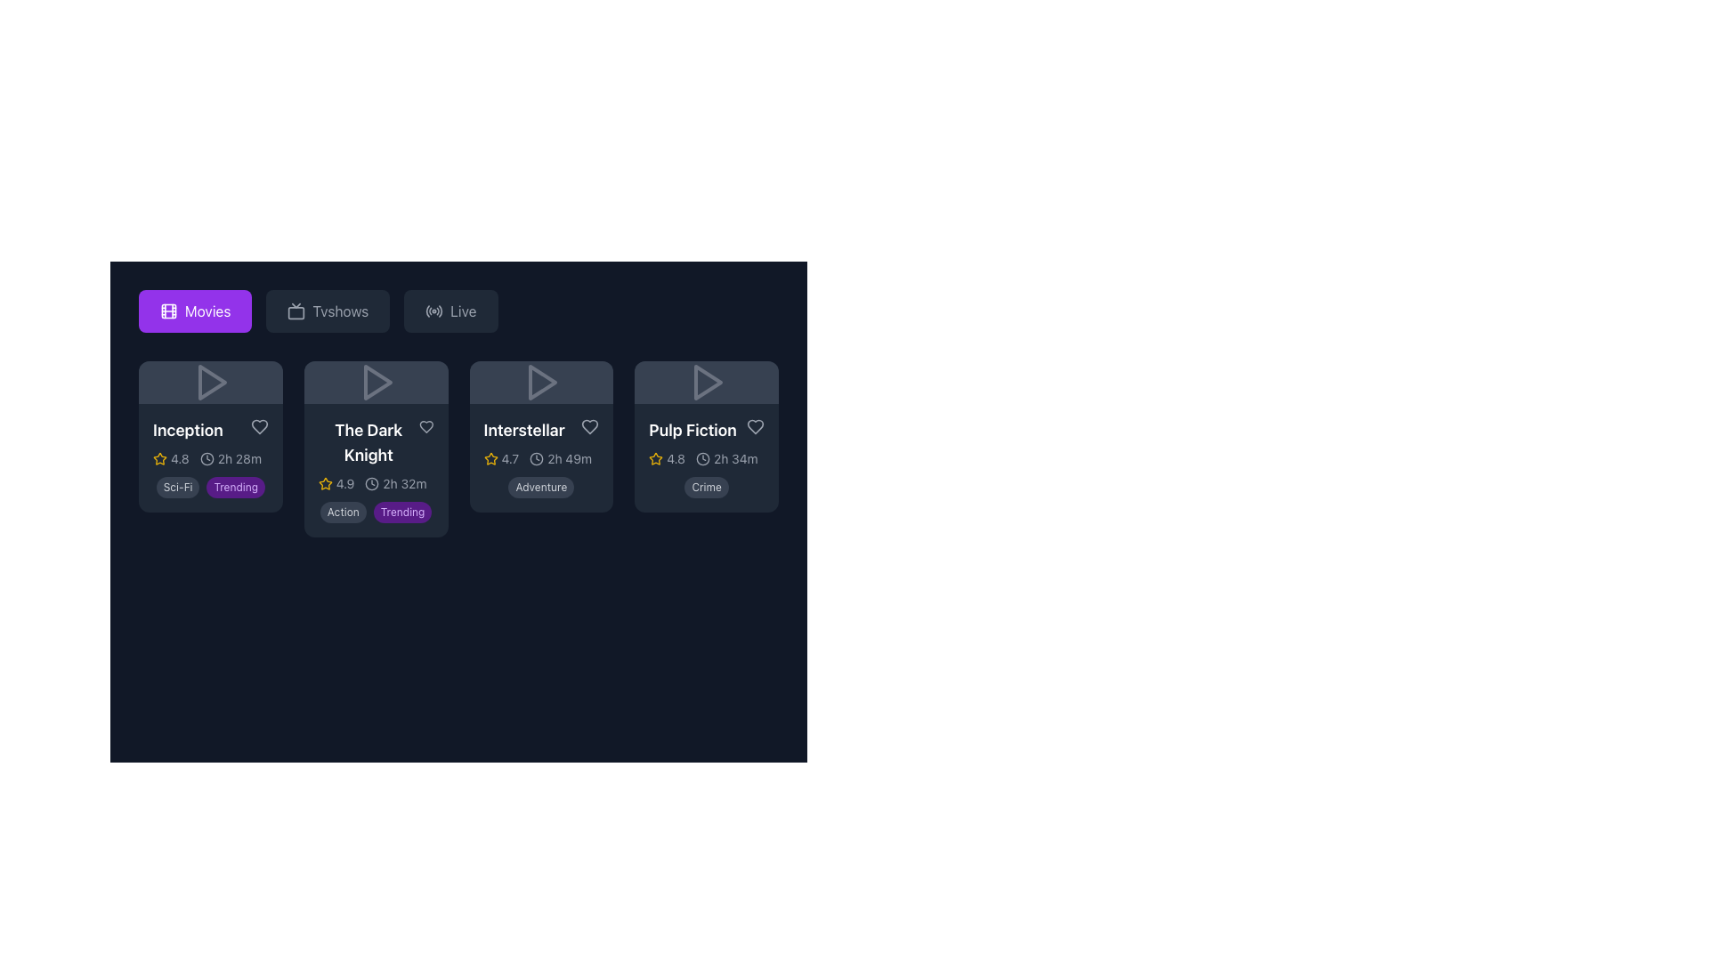 This screenshot has height=961, width=1709. What do you see at coordinates (325, 483) in the screenshot?
I see `the star icon representing the movie rating in the second movie card for 'The Dark Knight', located to the left of the numerical rating text '4.9'` at bounding box center [325, 483].